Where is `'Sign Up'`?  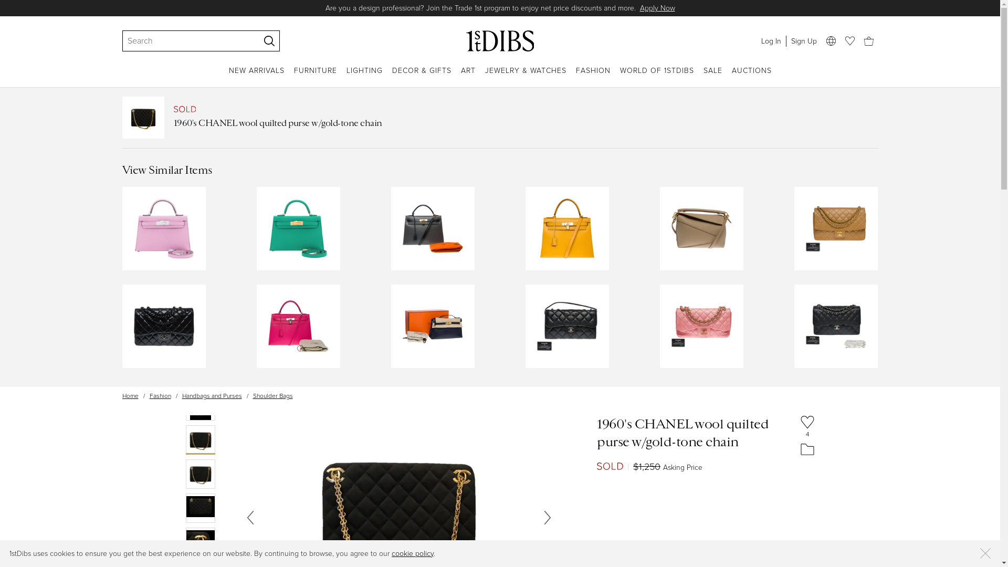
'Sign Up' is located at coordinates (803, 40).